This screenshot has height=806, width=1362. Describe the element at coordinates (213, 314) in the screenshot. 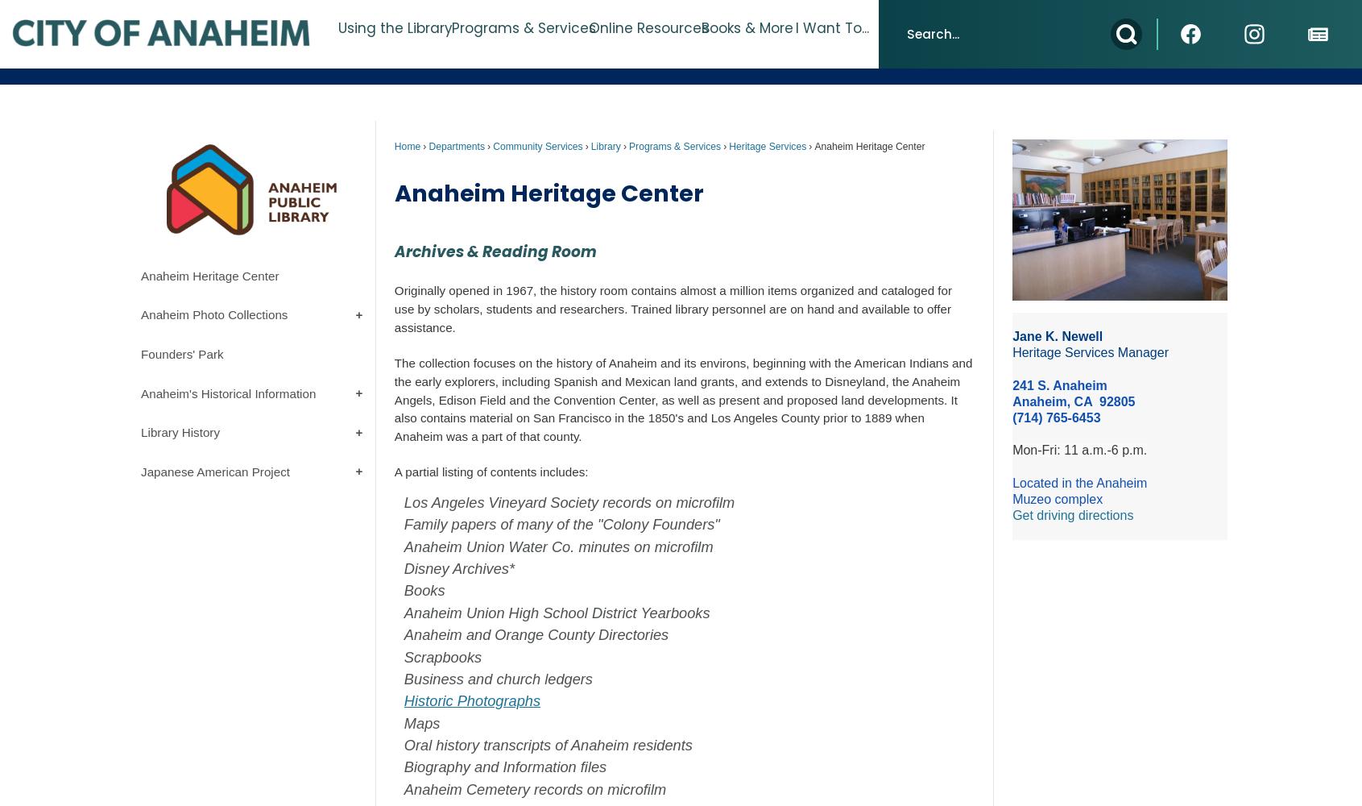

I see `'Anaheim Photo Collections'` at that location.